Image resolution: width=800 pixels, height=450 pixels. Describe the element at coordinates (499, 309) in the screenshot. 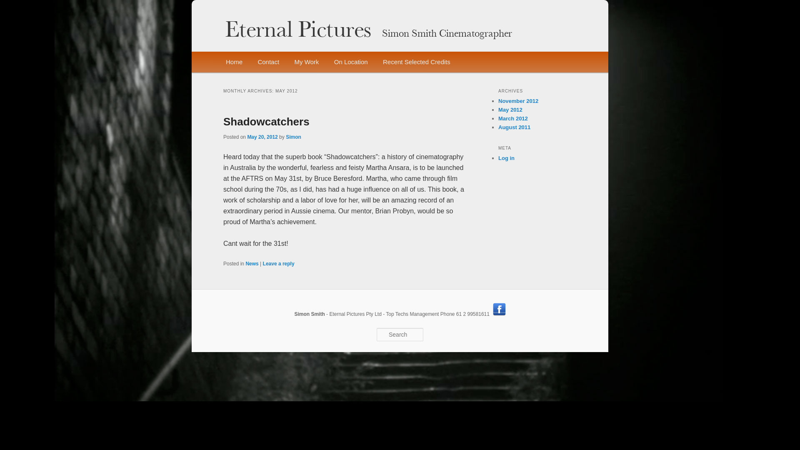

I see `'Visit me on Facebook'` at that location.